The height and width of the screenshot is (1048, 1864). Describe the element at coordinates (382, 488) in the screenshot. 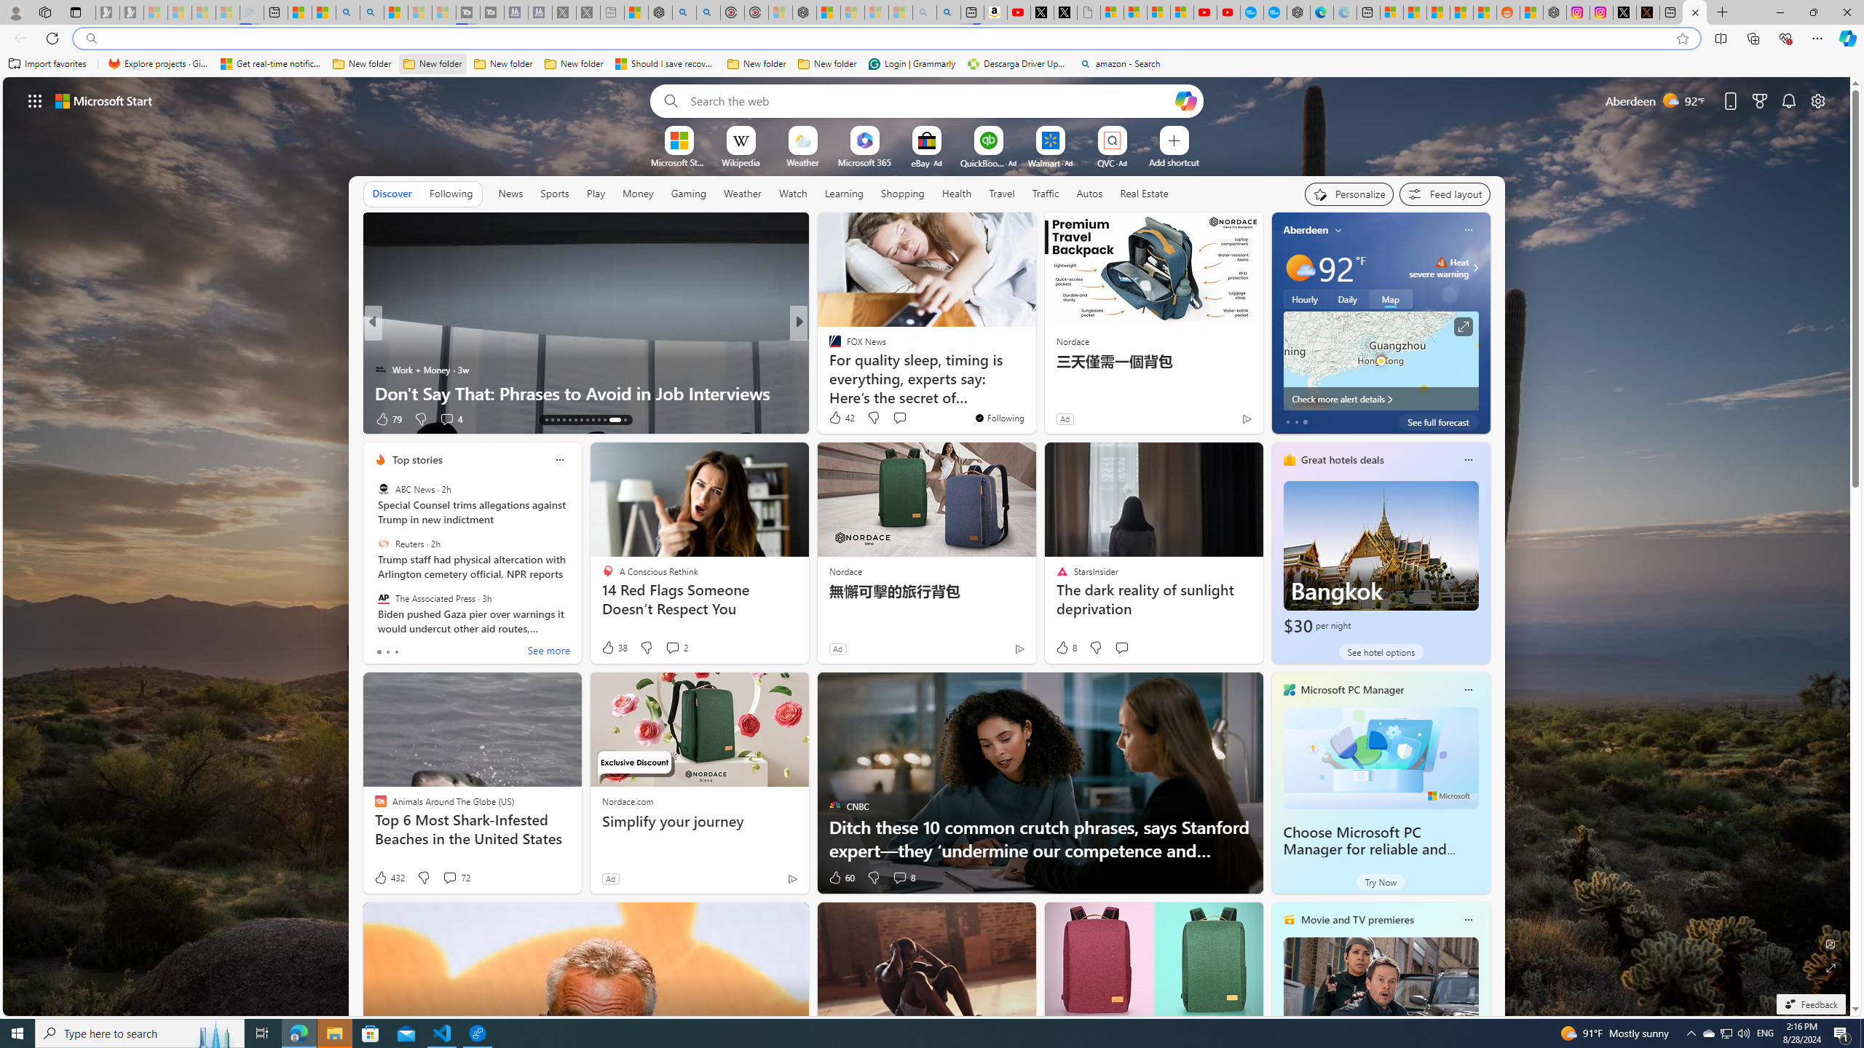

I see `'ABC News'` at that location.